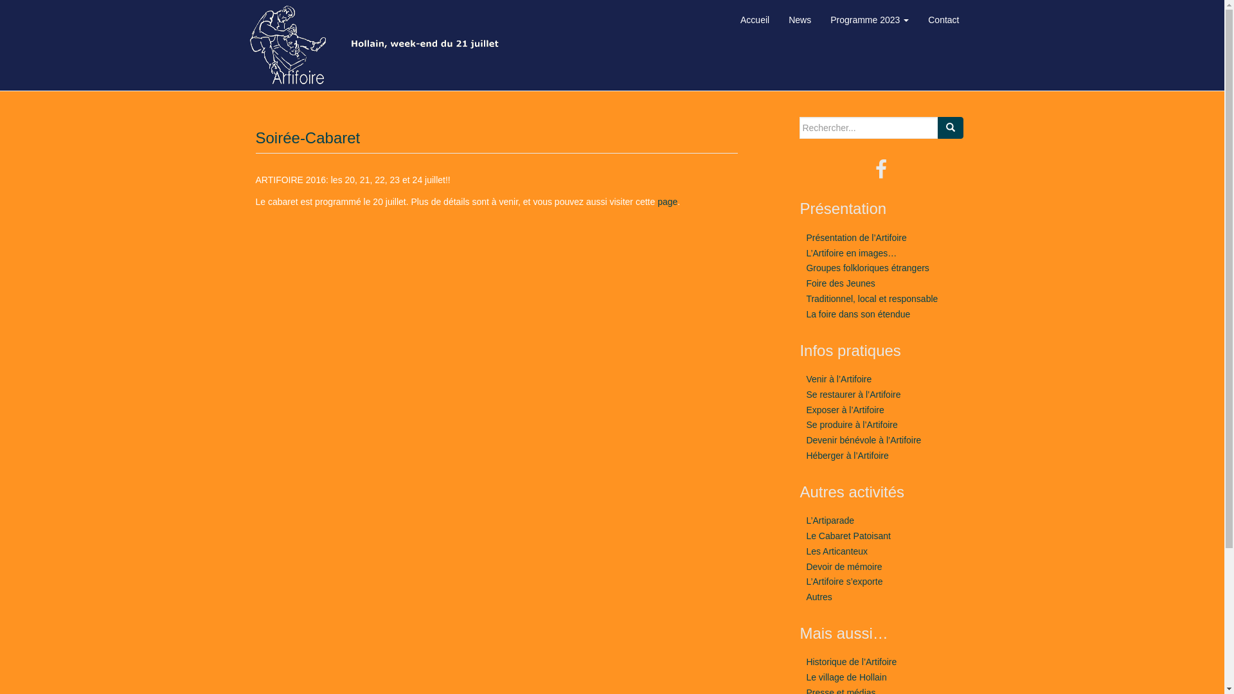 The width and height of the screenshot is (1234, 694). What do you see at coordinates (657, 201) in the screenshot?
I see `'page'` at bounding box center [657, 201].